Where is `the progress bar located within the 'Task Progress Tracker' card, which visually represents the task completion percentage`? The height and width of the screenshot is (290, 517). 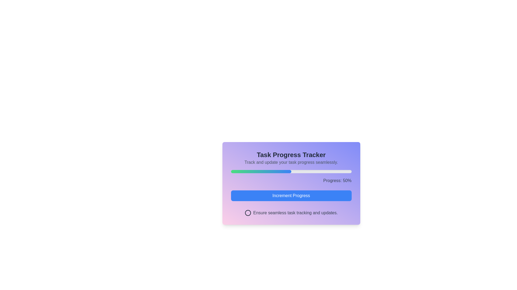
the progress bar located within the 'Task Progress Tracker' card, which visually represents the task completion percentage is located at coordinates (291, 172).